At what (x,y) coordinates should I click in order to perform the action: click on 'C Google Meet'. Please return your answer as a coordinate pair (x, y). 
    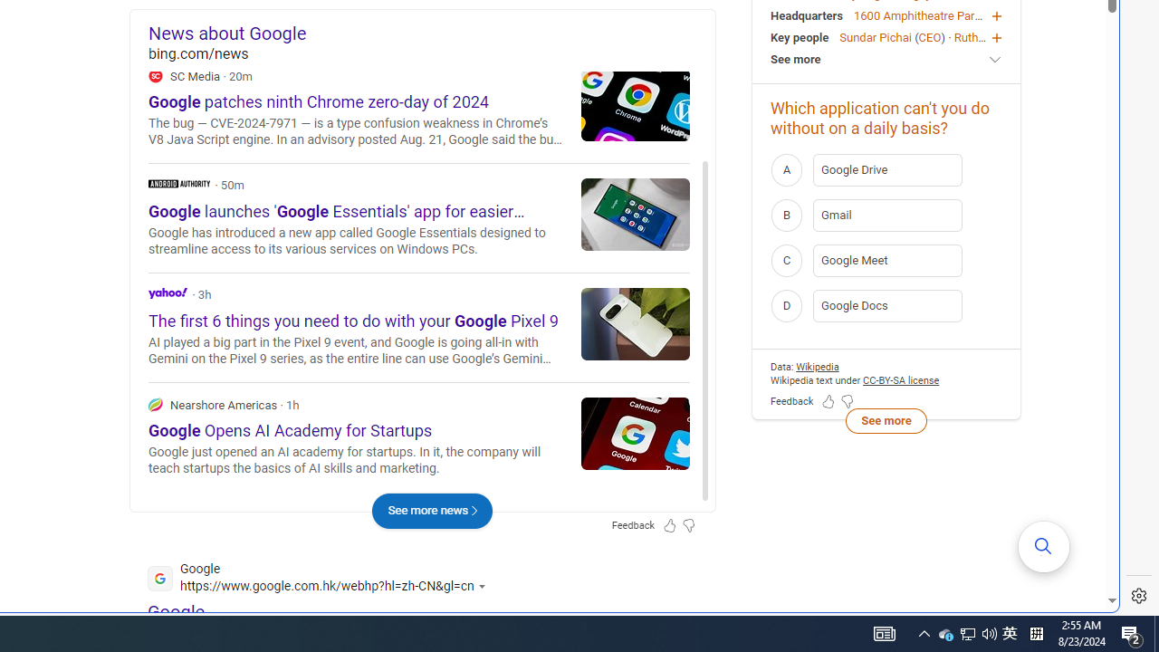
    Looking at the image, I should click on (886, 260).